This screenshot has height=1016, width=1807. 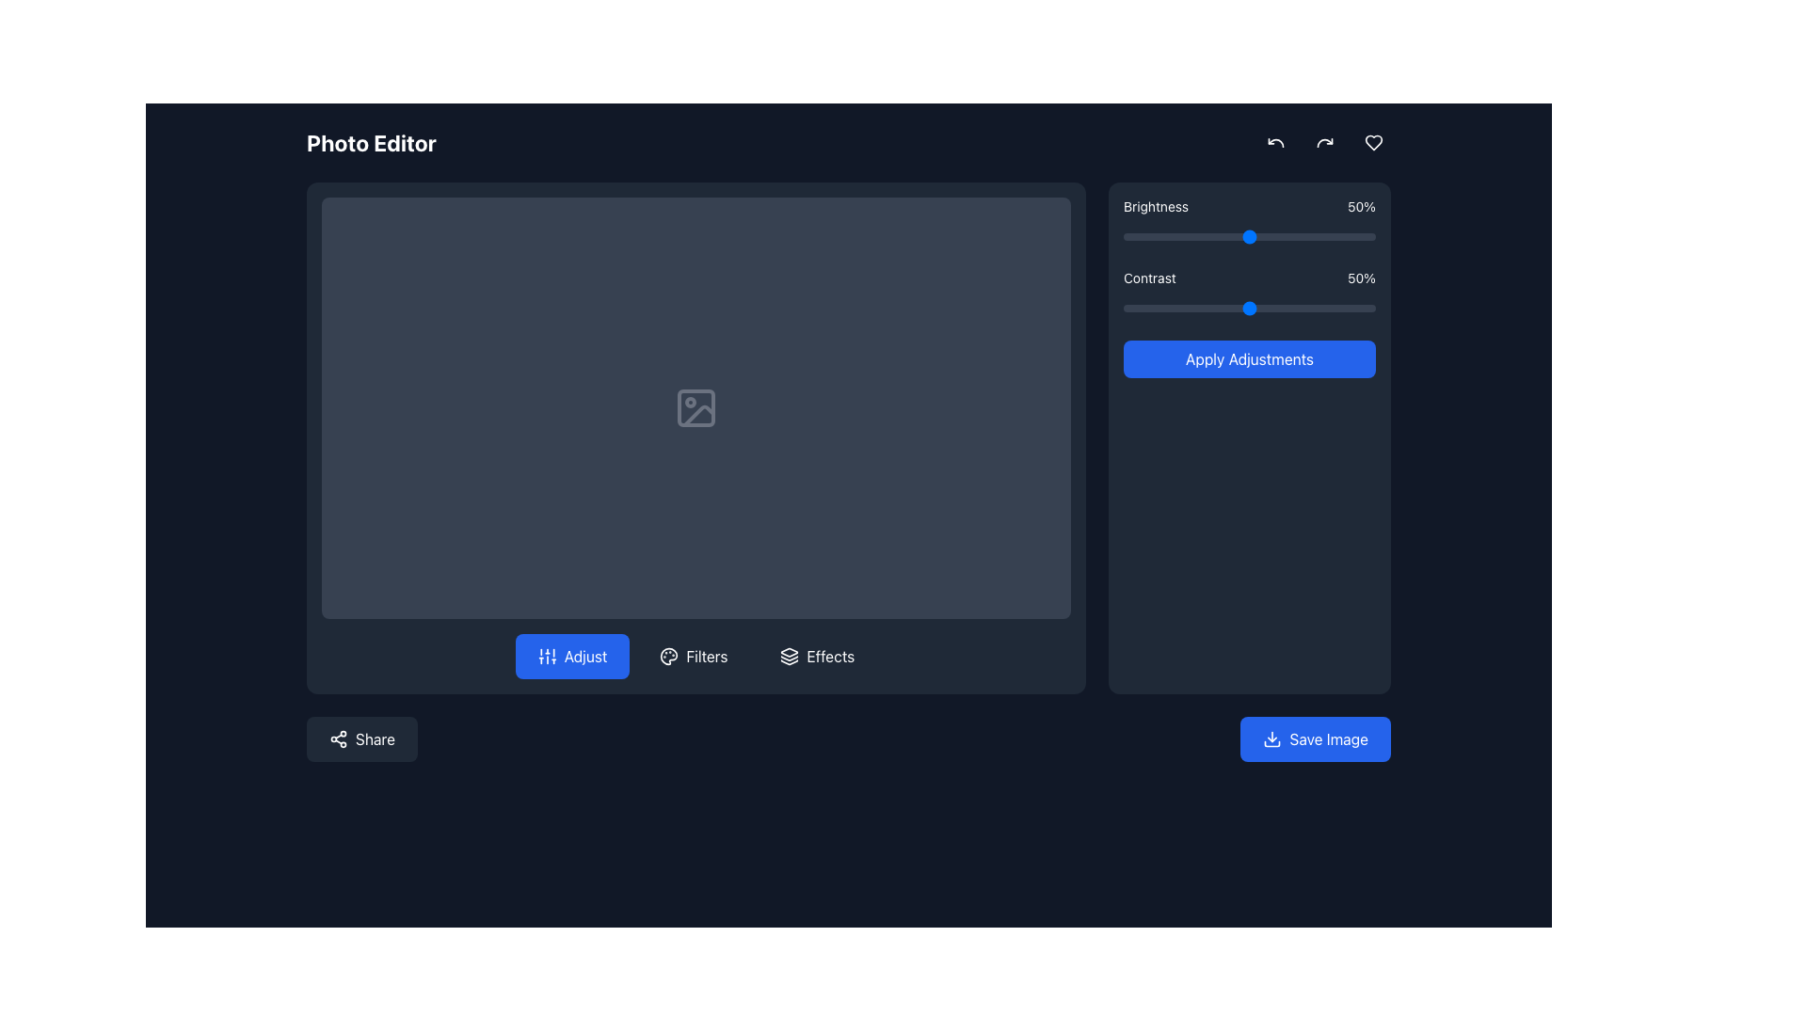 What do you see at coordinates (1276, 141) in the screenshot?
I see `the 'Undo' button located in the top-right corner of the horizontal toolbar, which is the first button from the left` at bounding box center [1276, 141].